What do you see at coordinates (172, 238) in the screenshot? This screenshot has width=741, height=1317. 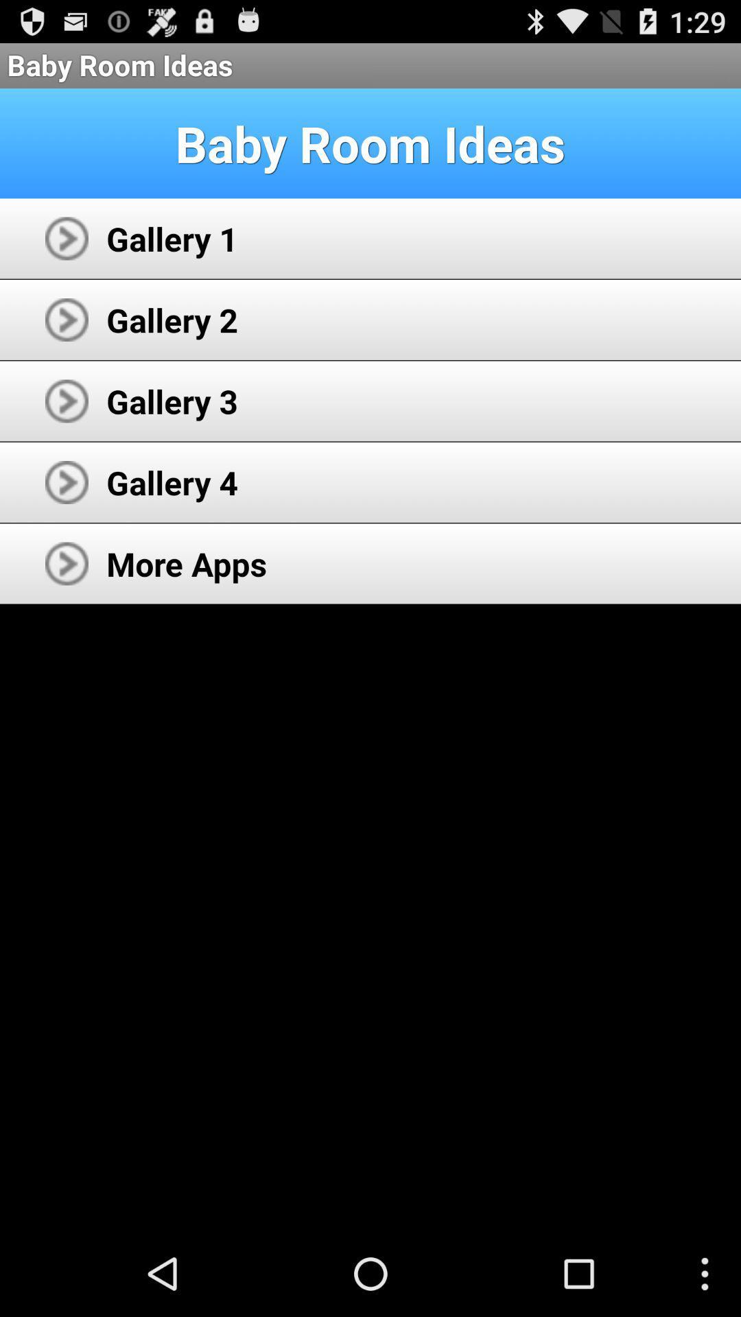 I see `app above gallery 2` at bounding box center [172, 238].